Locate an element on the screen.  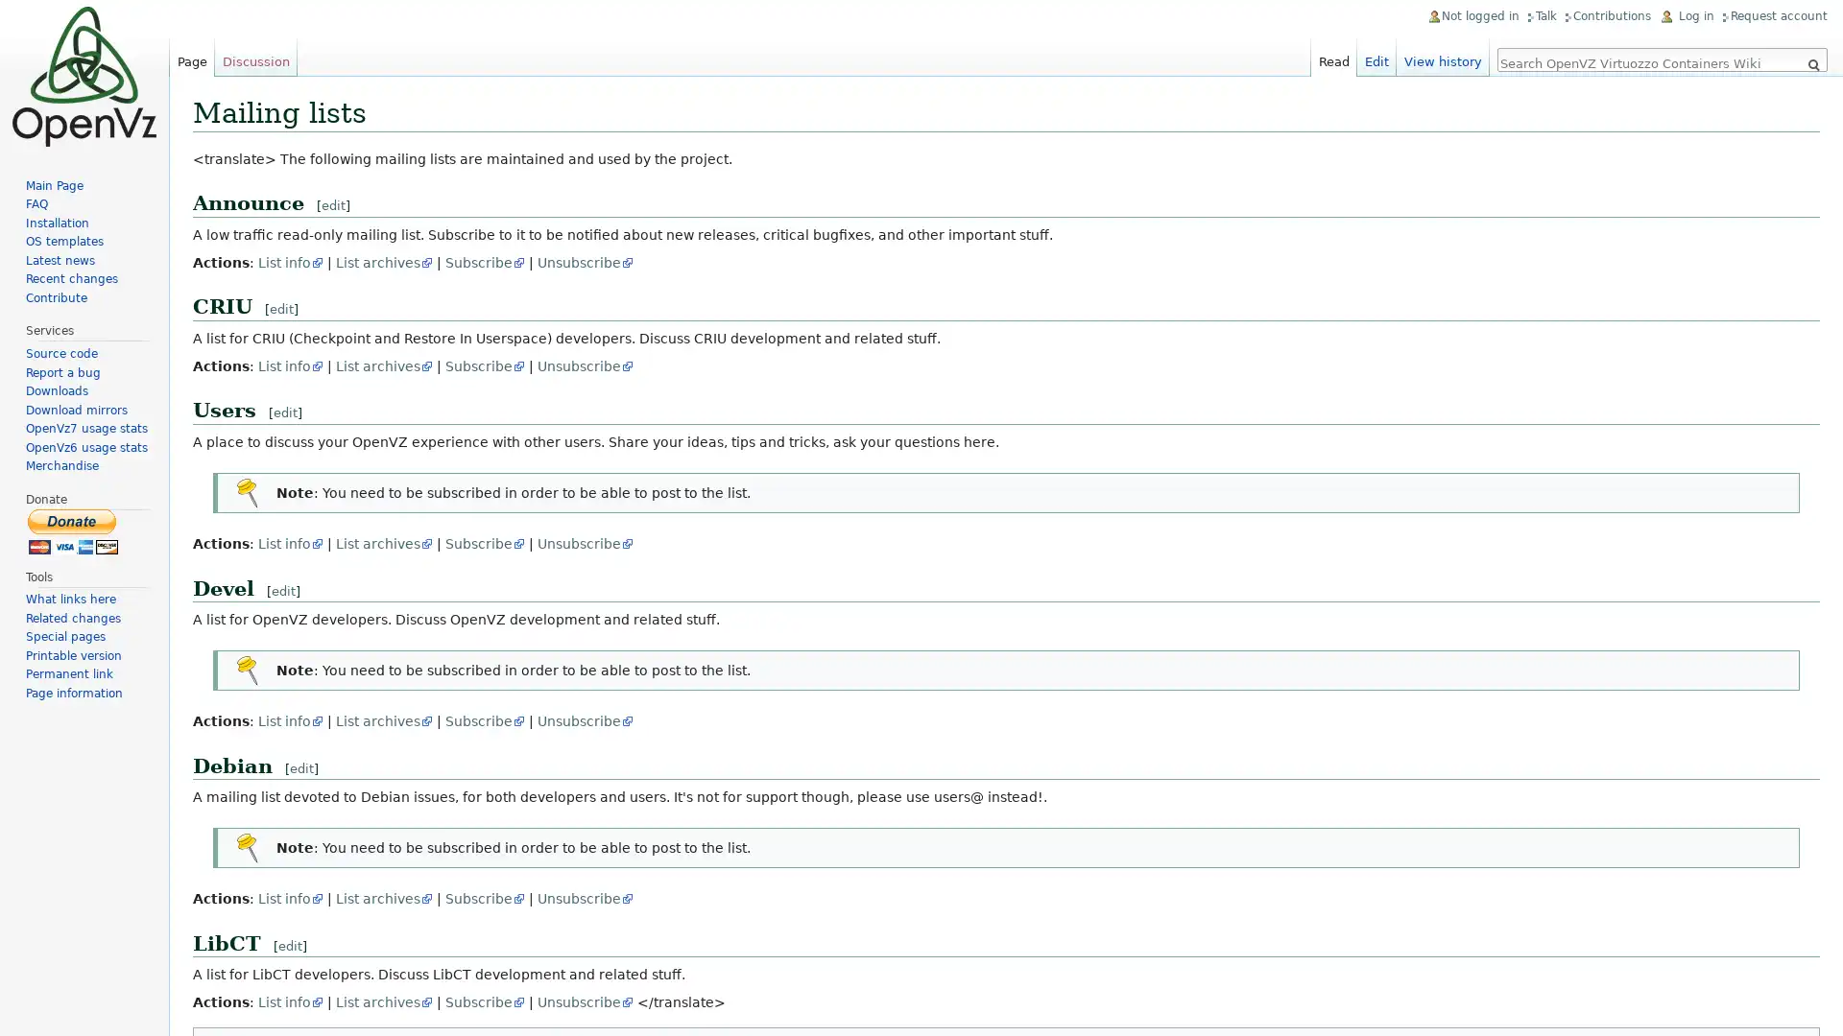
Go is located at coordinates (1812, 64).